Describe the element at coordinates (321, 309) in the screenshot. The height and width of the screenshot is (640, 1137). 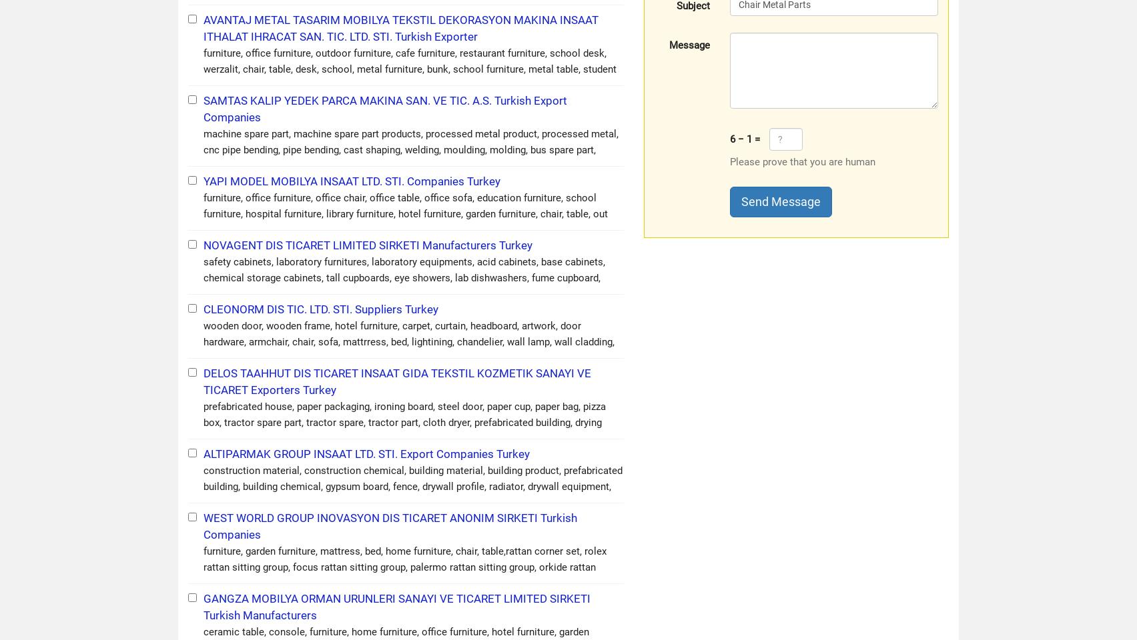
I see `'CLEONORM DIS TIC. LTD. STI. Suppliers Turkey'` at that location.